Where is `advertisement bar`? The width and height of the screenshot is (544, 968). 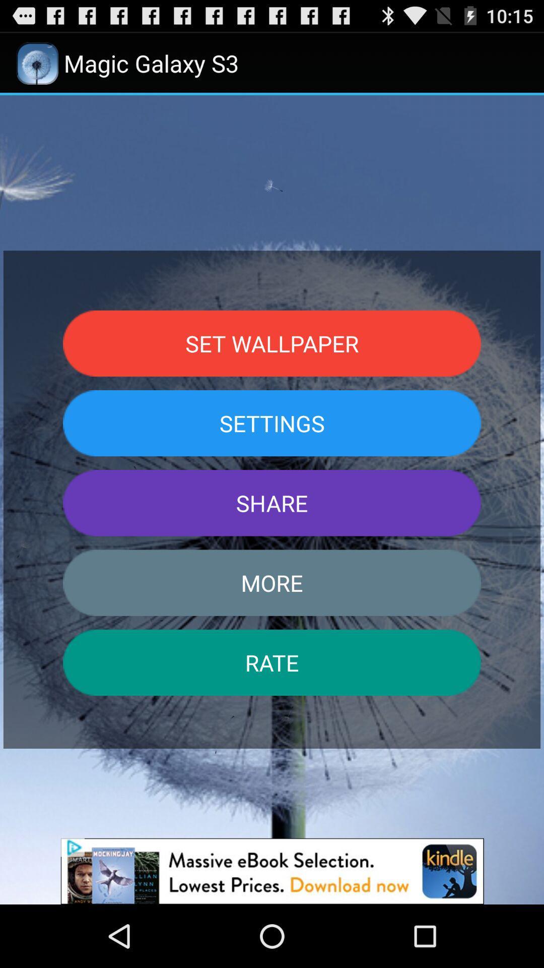 advertisement bar is located at coordinates (272, 871).